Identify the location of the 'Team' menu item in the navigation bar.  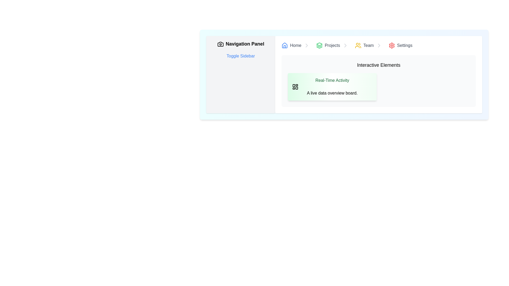
(364, 45).